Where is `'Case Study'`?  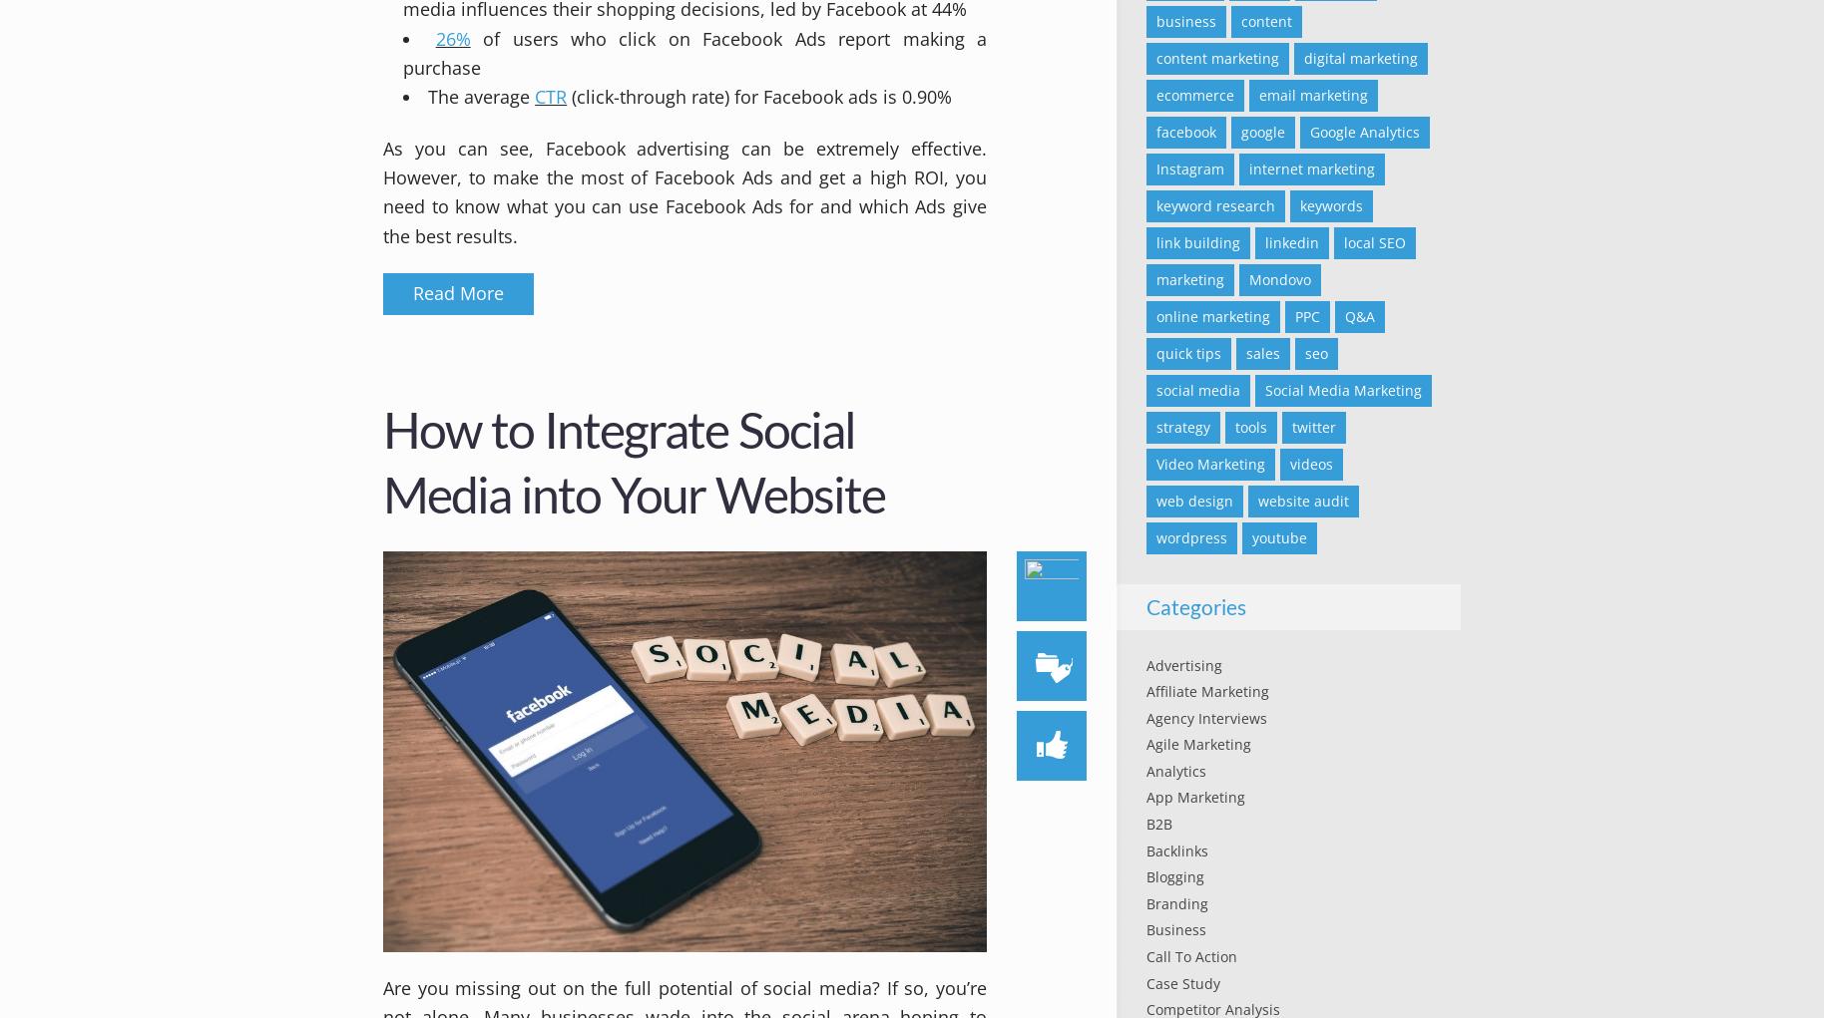
'Case Study' is located at coordinates (1182, 982).